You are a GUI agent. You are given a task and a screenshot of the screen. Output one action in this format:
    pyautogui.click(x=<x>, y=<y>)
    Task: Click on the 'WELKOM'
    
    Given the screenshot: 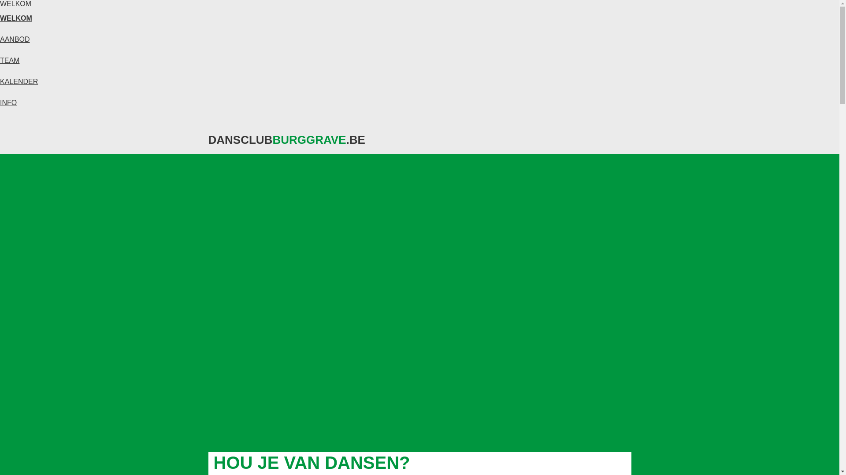 What is the action you would take?
    pyautogui.click(x=16, y=18)
    